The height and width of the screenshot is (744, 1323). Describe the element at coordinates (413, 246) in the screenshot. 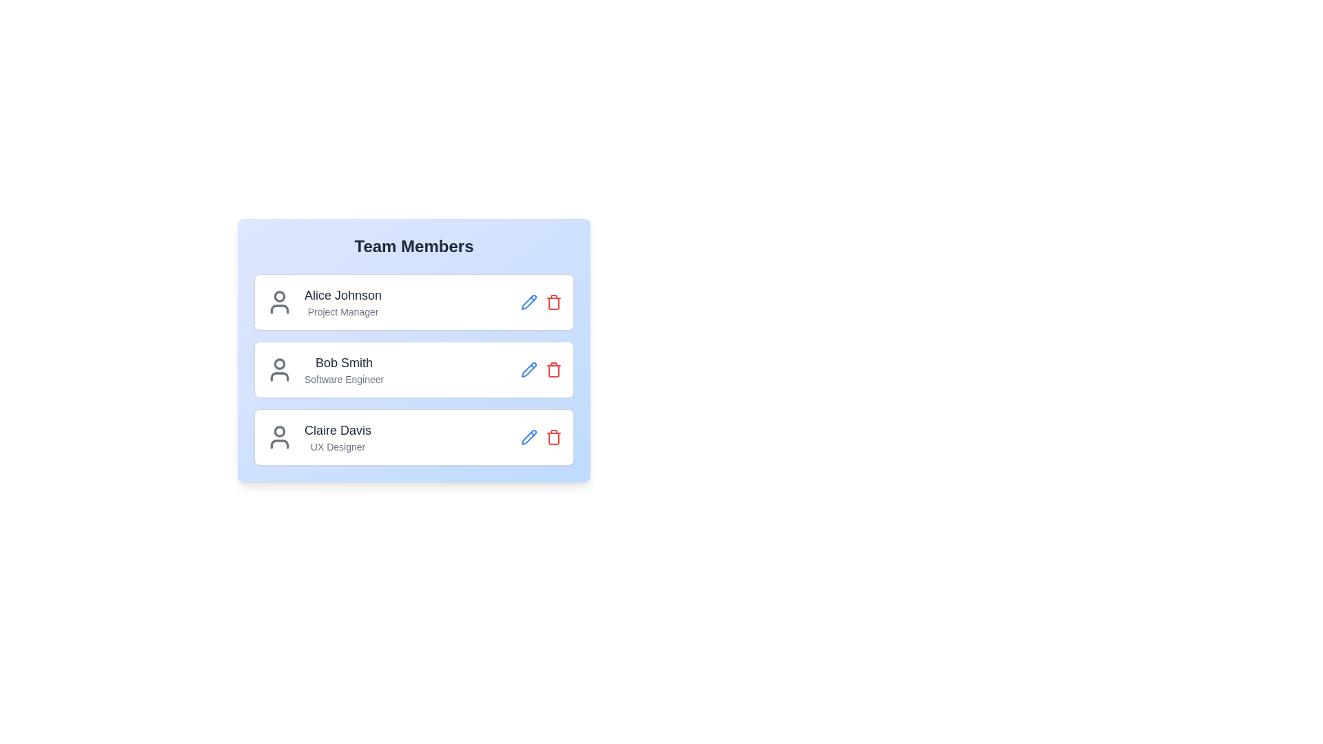

I see `the title 'Team Members'` at that location.